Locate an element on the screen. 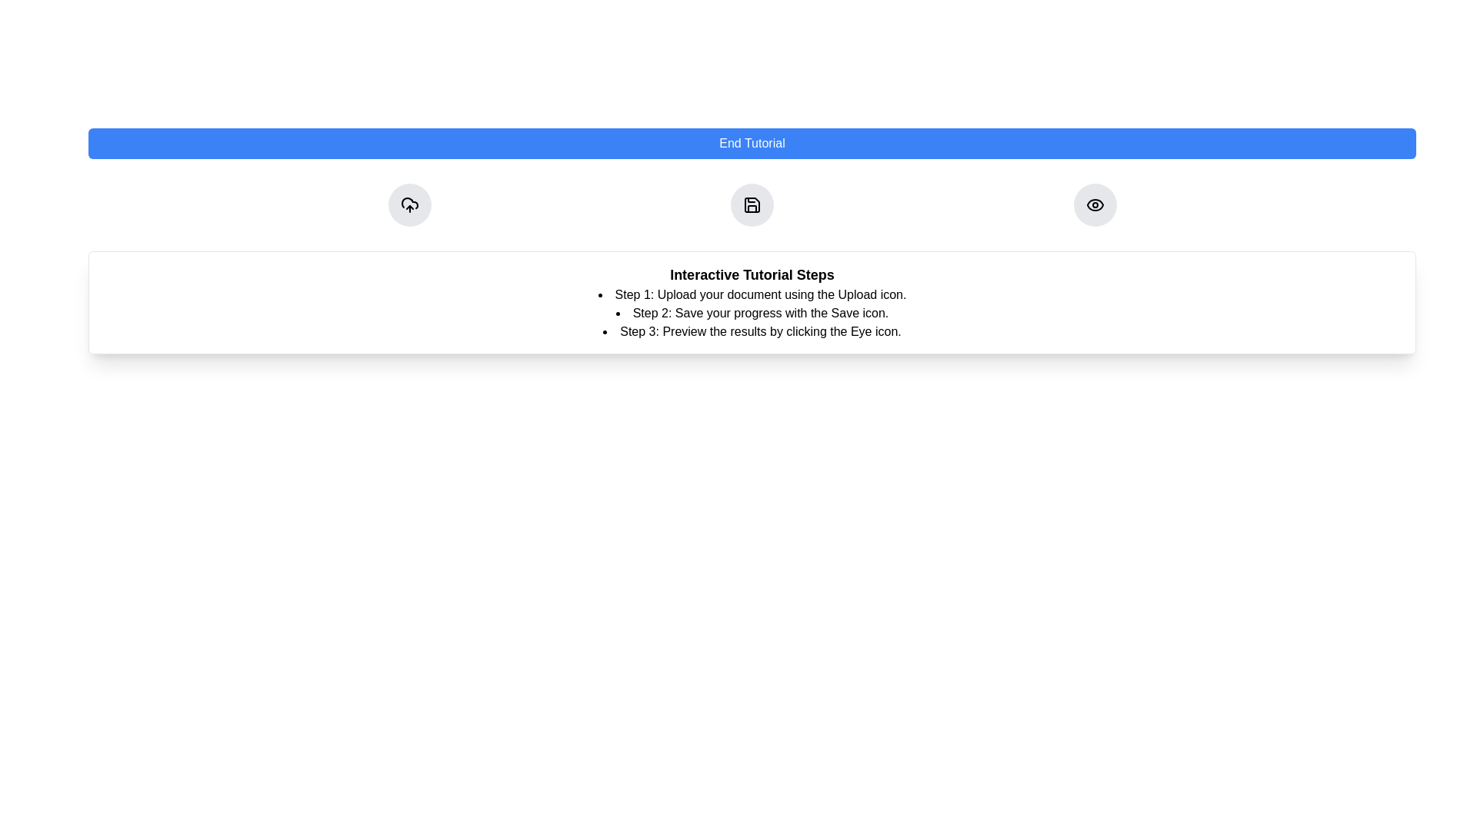  instruction text 'Step 2: Save your progress with the Save icon.' located in the bulleted list under the header 'Interactive Tutorial Steps.' is located at coordinates (752, 313).